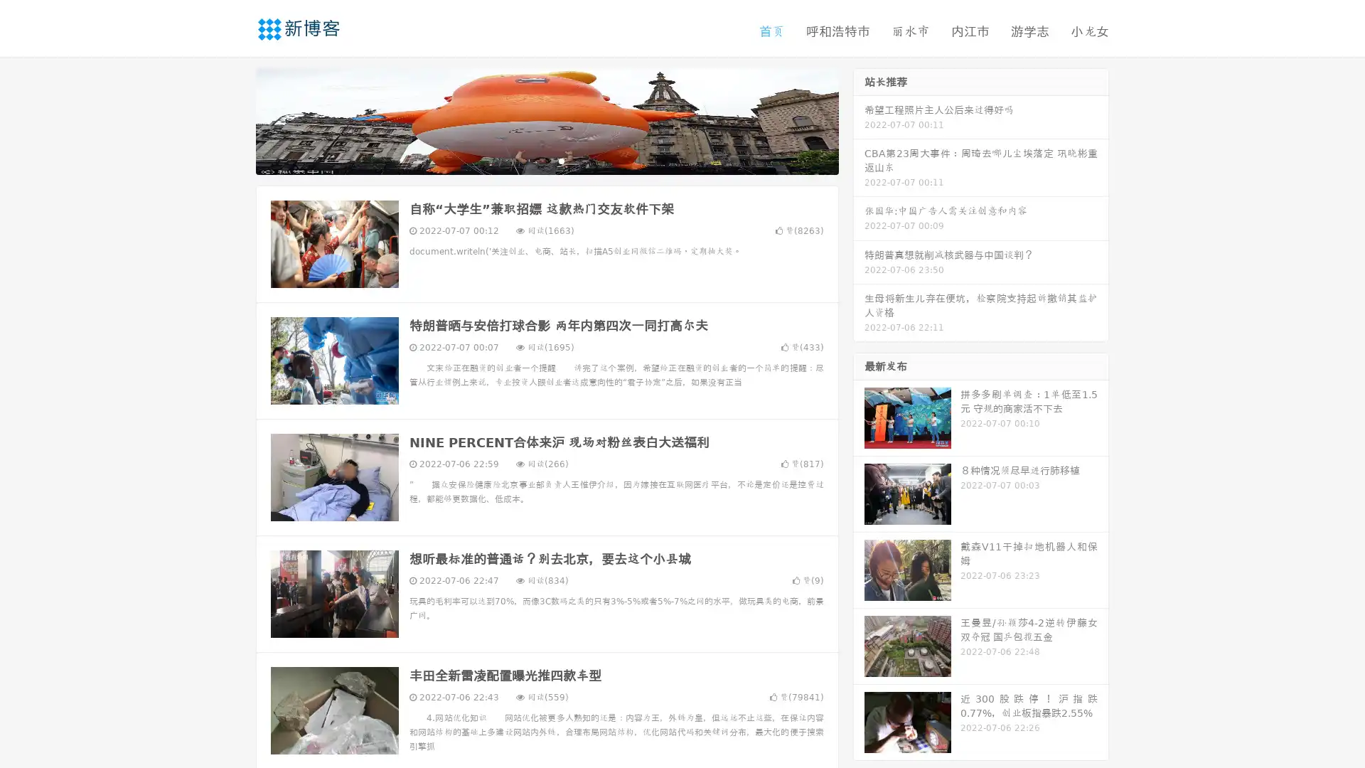 The image size is (1365, 768). What do you see at coordinates (859, 119) in the screenshot?
I see `Next slide` at bounding box center [859, 119].